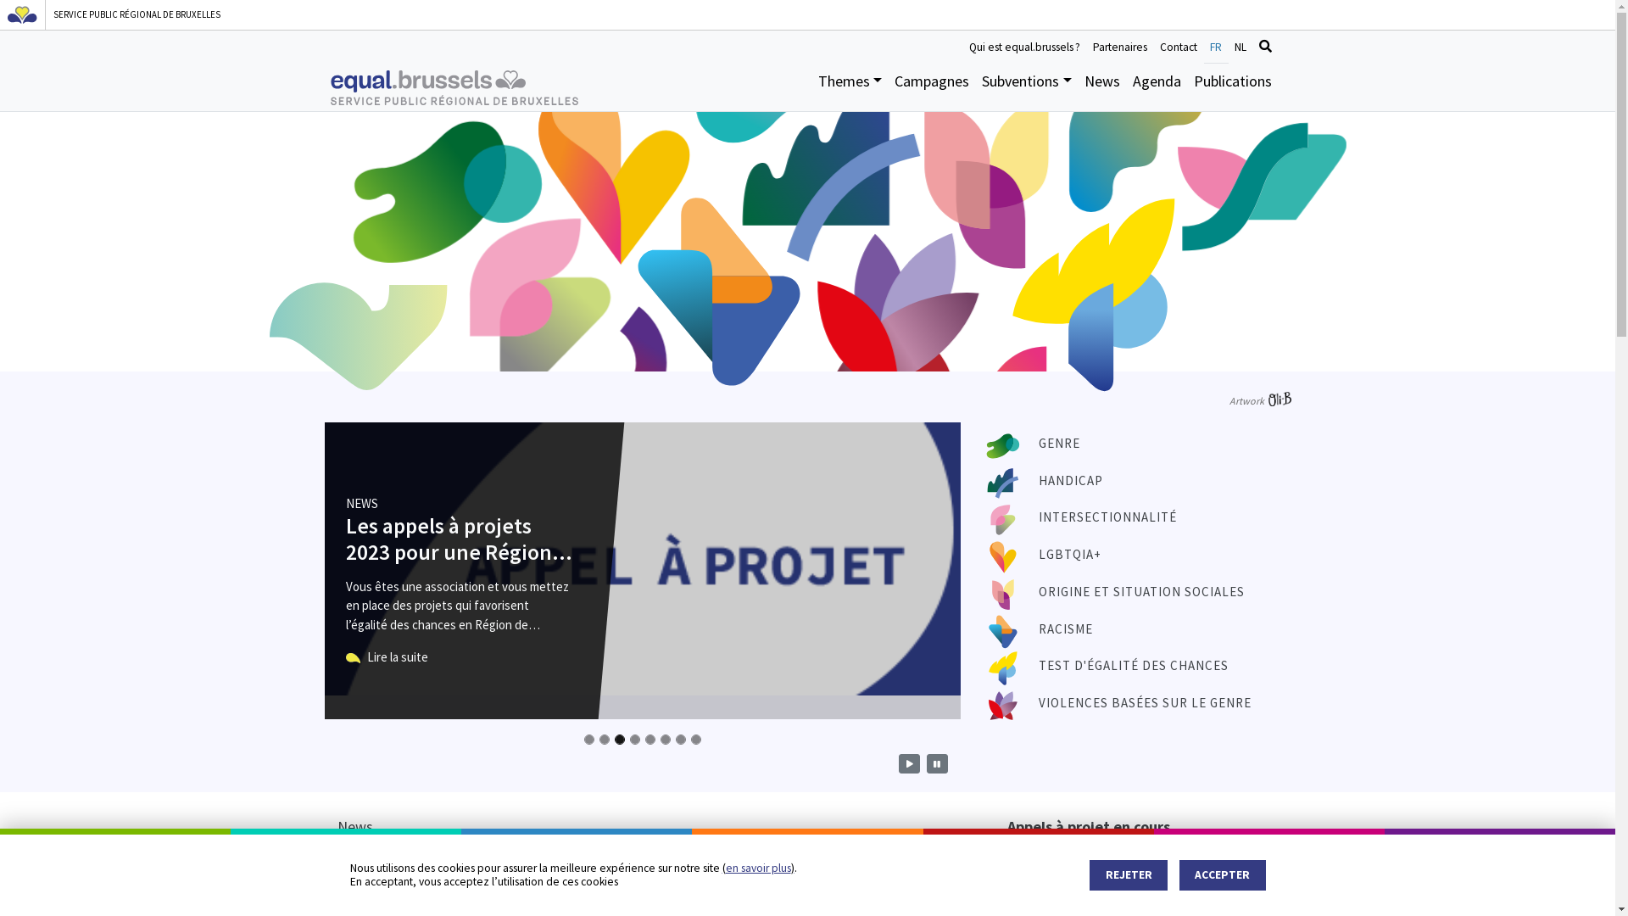 Image resolution: width=1628 pixels, height=916 pixels. What do you see at coordinates (1026, 87) in the screenshot?
I see `'Subventions'` at bounding box center [1026, 87].